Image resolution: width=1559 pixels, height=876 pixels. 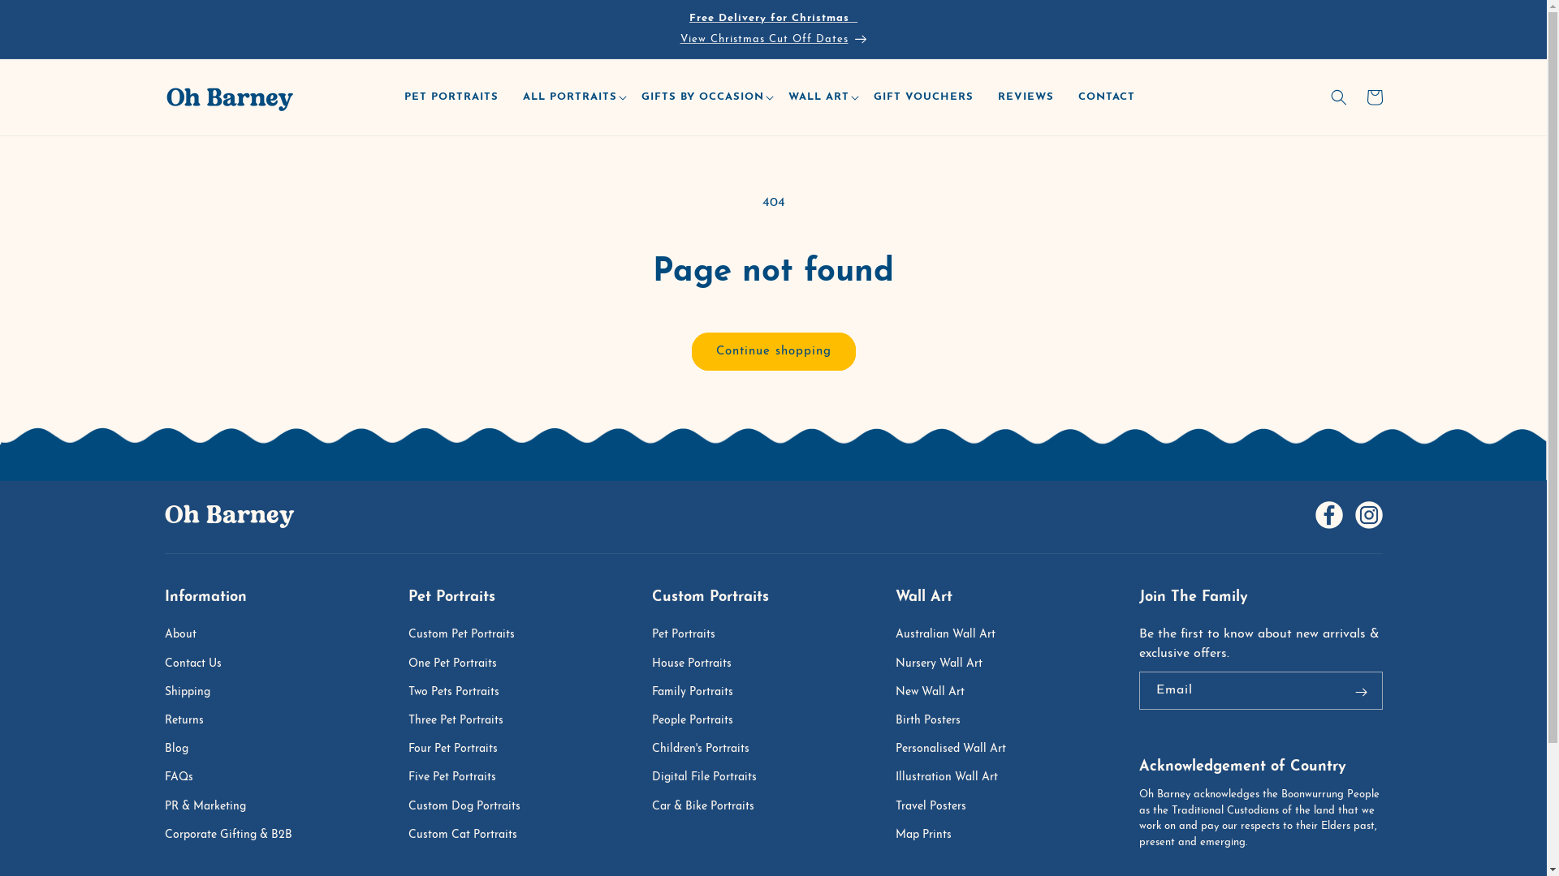 What do you see at coordinates (468, 636) in the screenshot?
I see `'Custom Pet Portraits'` at bounding box center [468, 636].